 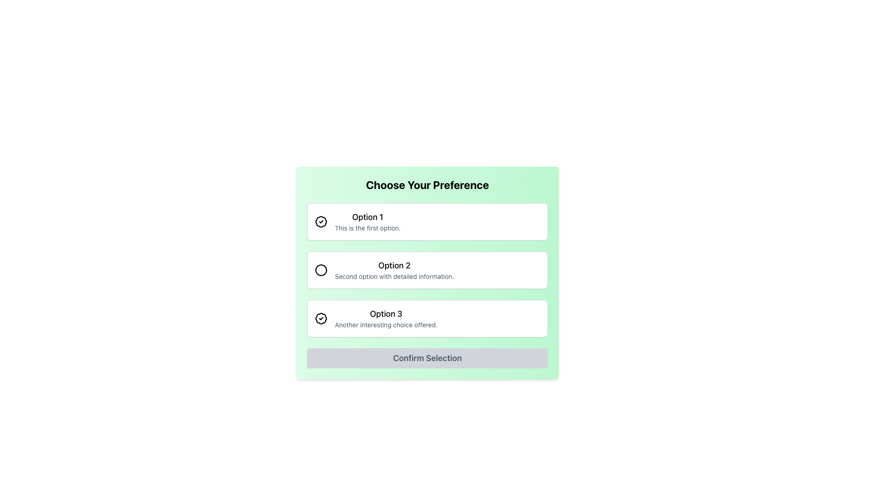 I want to click on the Badge Icon that symbolizes the selection for 'Option 3', indicating it is the active choice, so click(x=321, y=318).